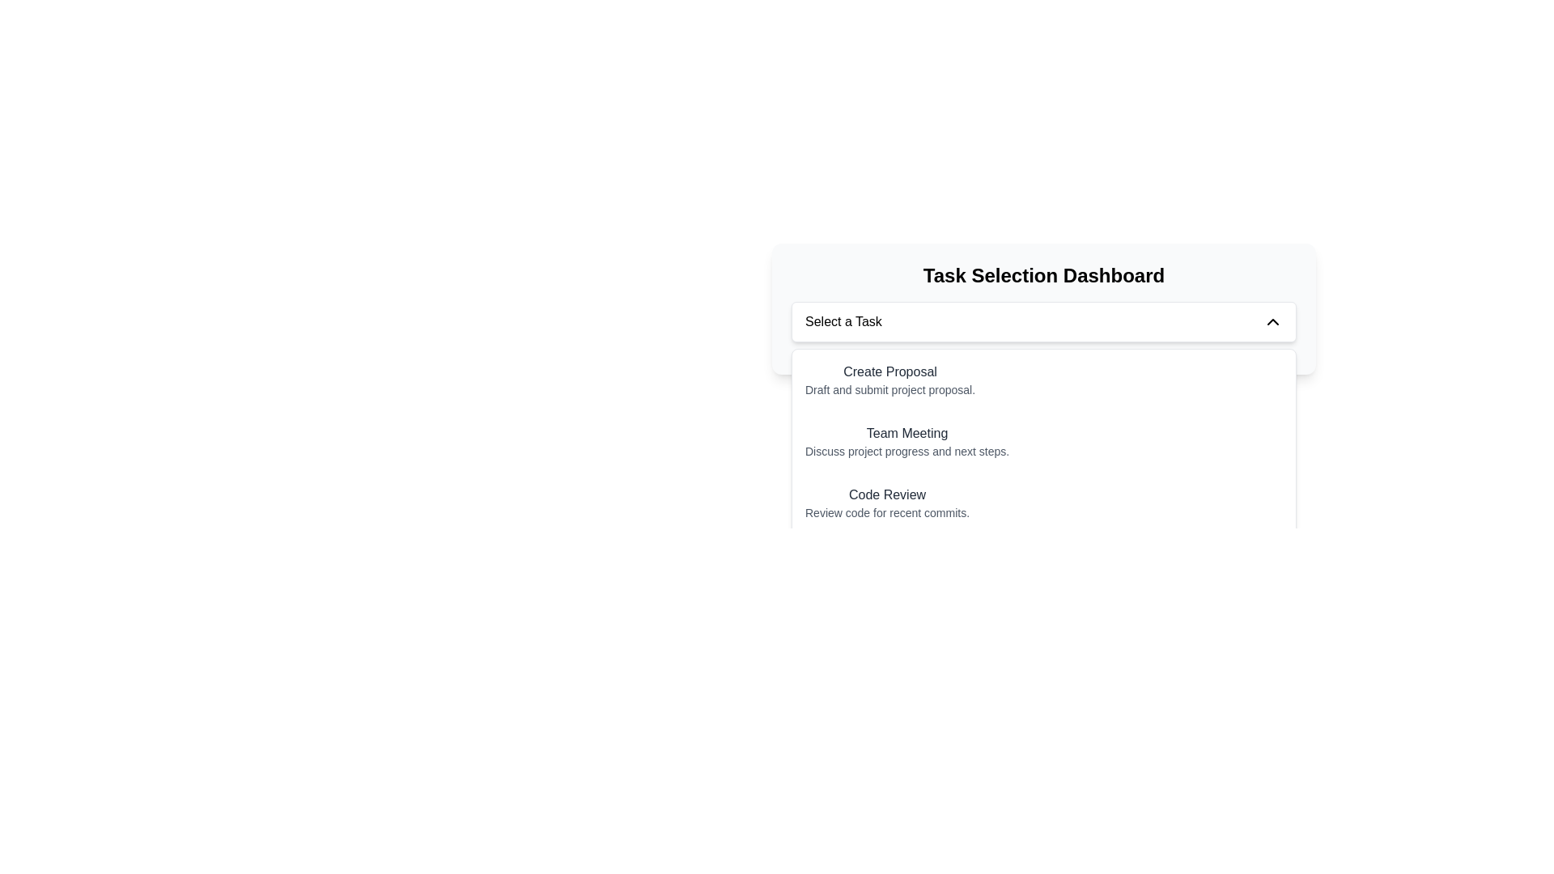  I want to click on the 'Create Proposal' list item in the dropdown menu under 'Task Selection Dashboard', so click(1044, 376).